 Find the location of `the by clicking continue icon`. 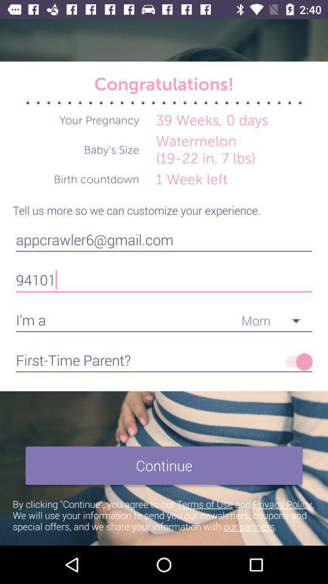

the by clicking continue icon is located at coordinates (164, 514).